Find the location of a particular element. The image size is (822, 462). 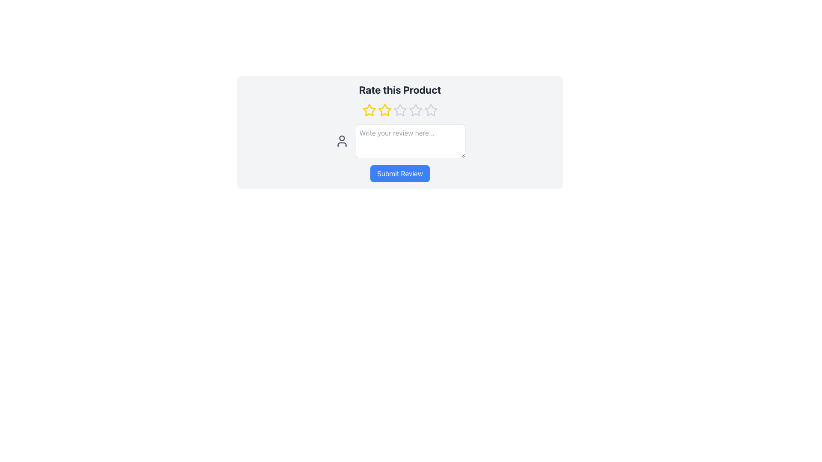

the third star-shaped Rating Icon, which is styled with a light gray color and a gray outline, to rate the product is located at coordinates (399, 110).